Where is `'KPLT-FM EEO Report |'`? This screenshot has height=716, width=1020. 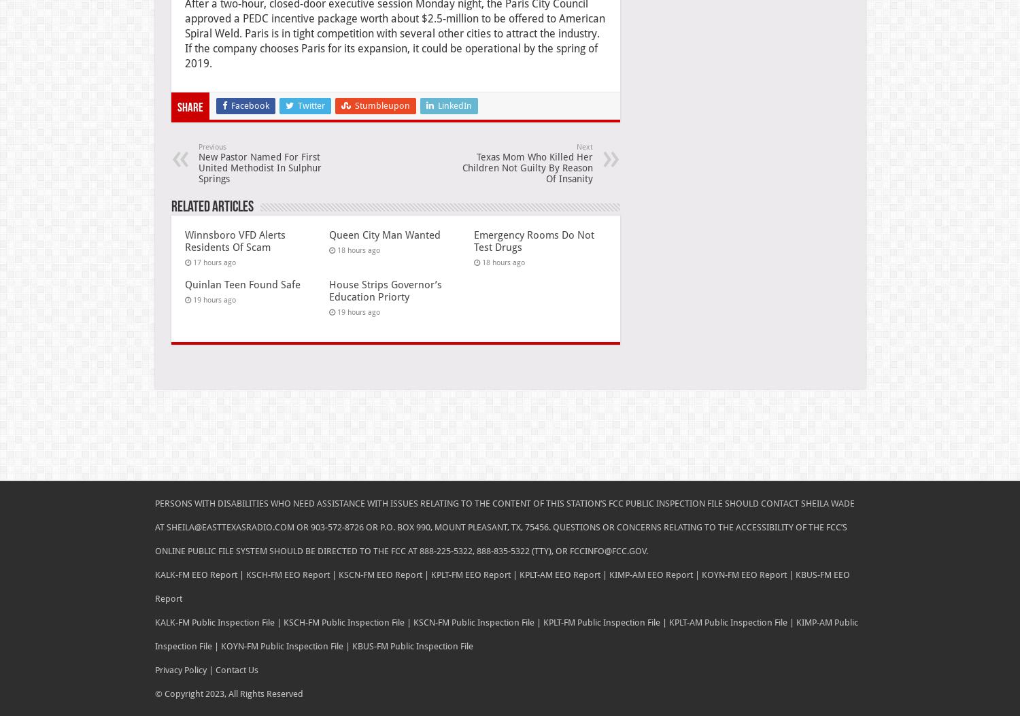
'KPLT-FM EEO Report |' is located at coordinates (473, 573).